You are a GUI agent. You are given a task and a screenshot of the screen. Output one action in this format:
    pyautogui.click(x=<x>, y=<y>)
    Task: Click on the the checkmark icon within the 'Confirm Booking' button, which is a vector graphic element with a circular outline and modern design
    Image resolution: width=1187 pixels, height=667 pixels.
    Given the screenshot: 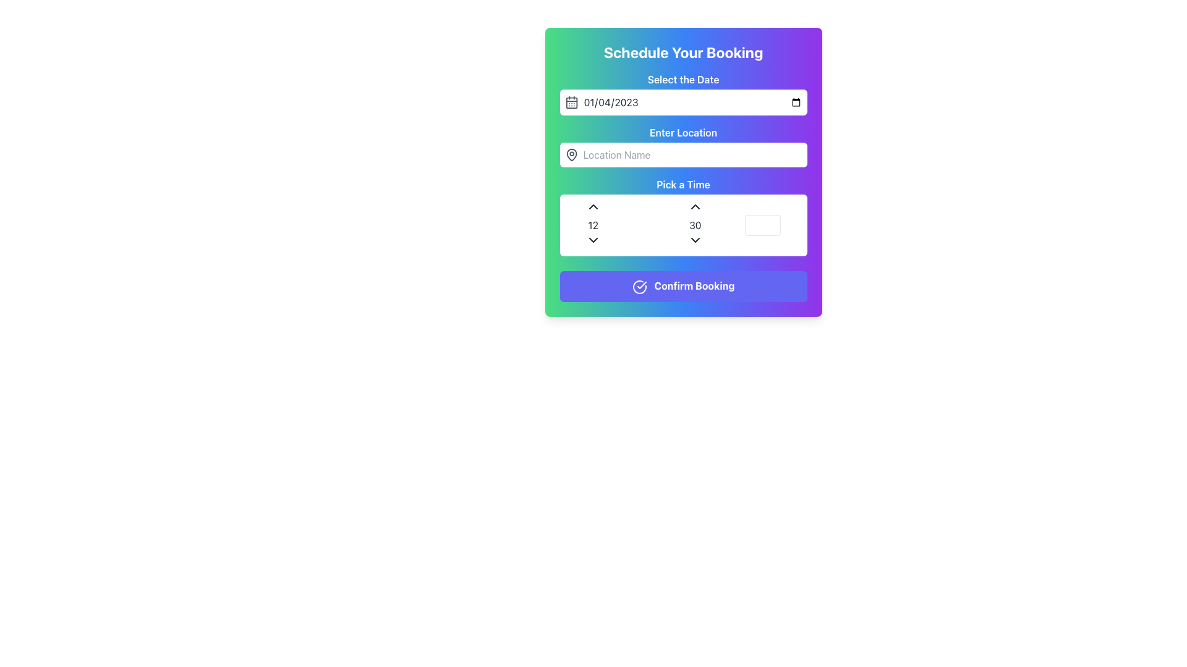 What is the action you would take?
    pyautogui.click(x=642, y=285)
    